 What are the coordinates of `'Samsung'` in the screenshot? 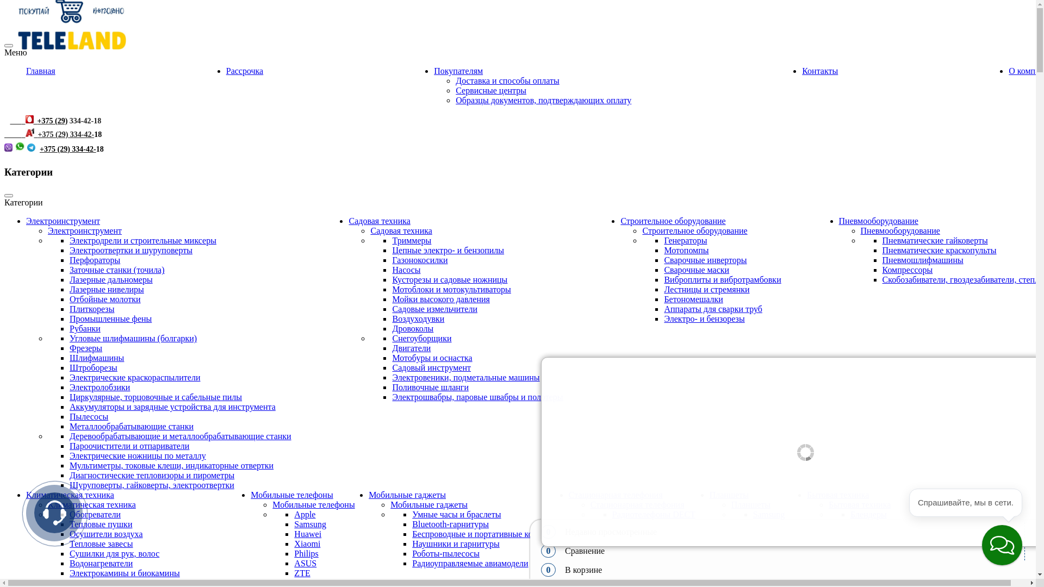 It's located at (309, 523).